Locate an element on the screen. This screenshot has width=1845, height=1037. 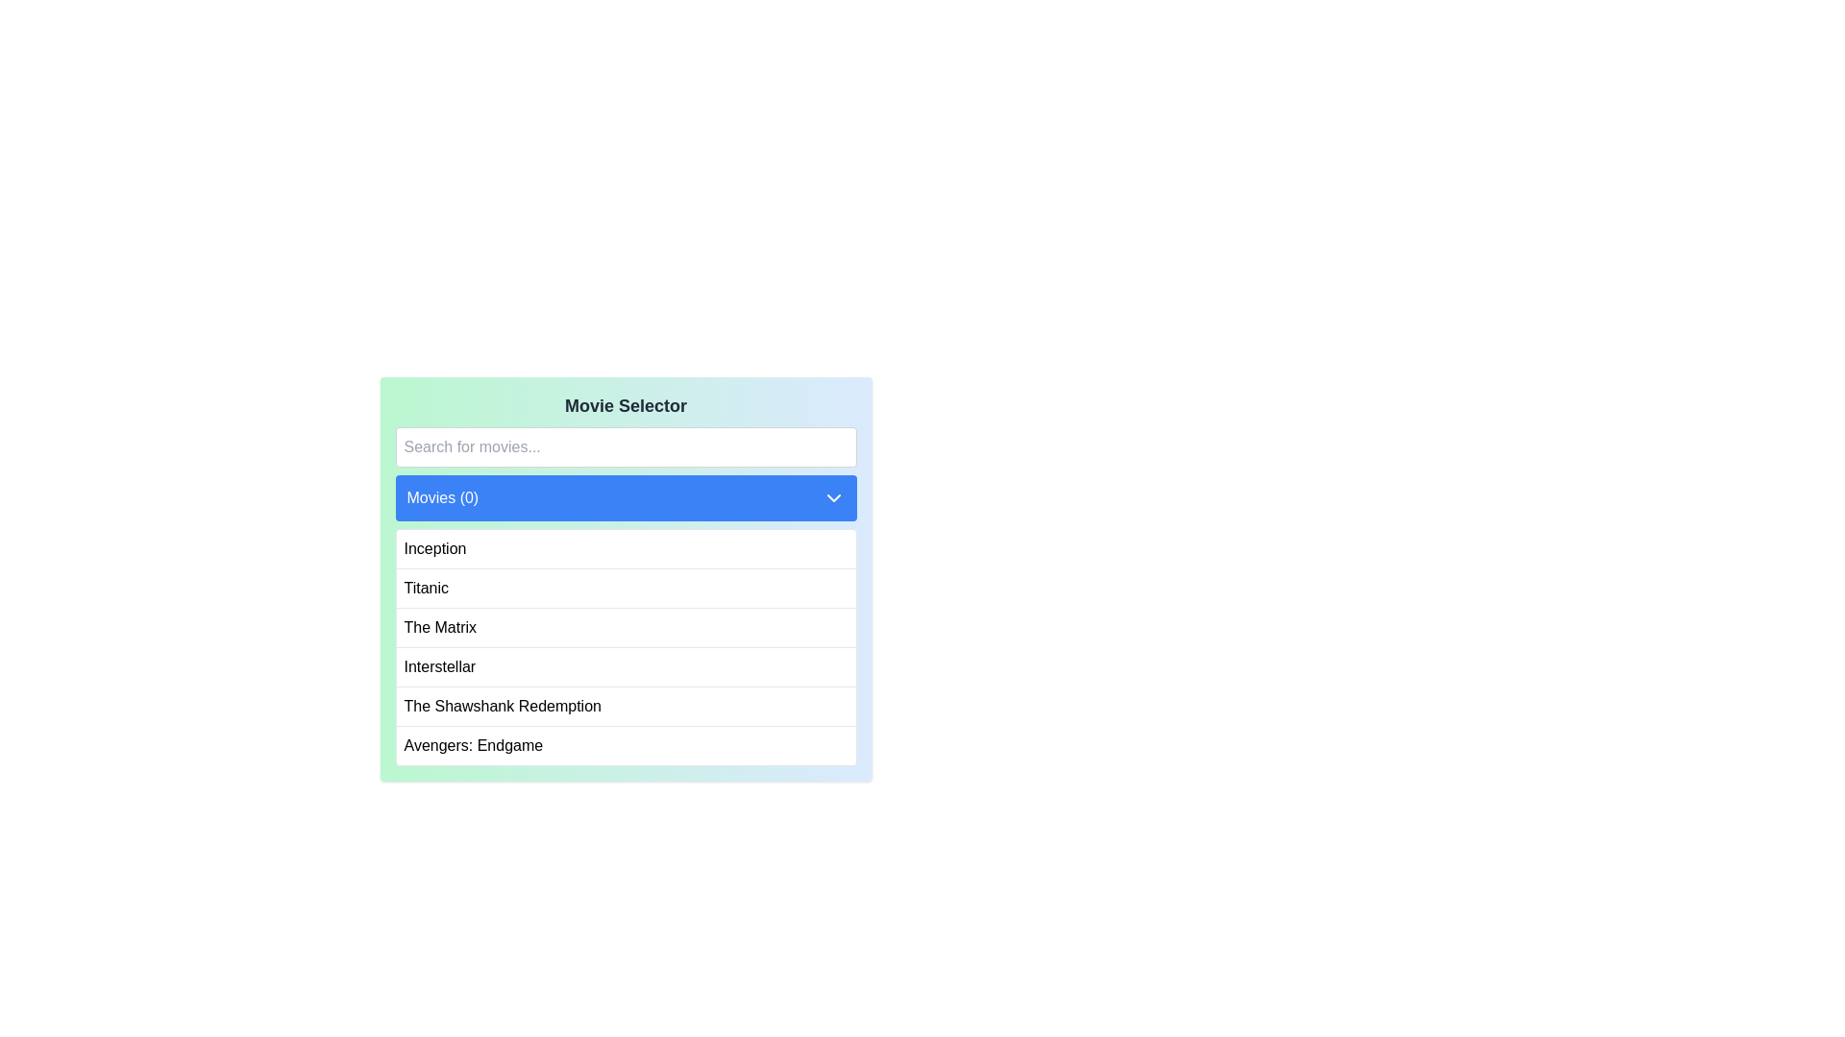
the last list item displaying 'Avengers: Endgame' in bold black font within the 'Movie Selector' dropdown menu is located at coordinates (626, 744).